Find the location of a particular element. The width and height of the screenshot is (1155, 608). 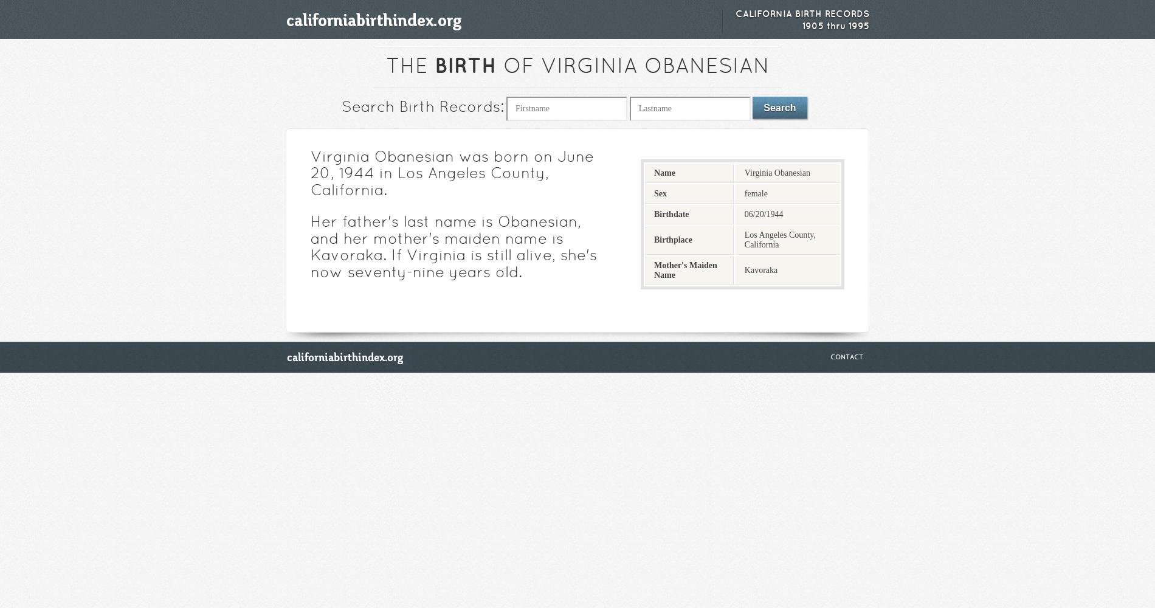

'Search Birth Records:' is located at coordinates (342, 108).